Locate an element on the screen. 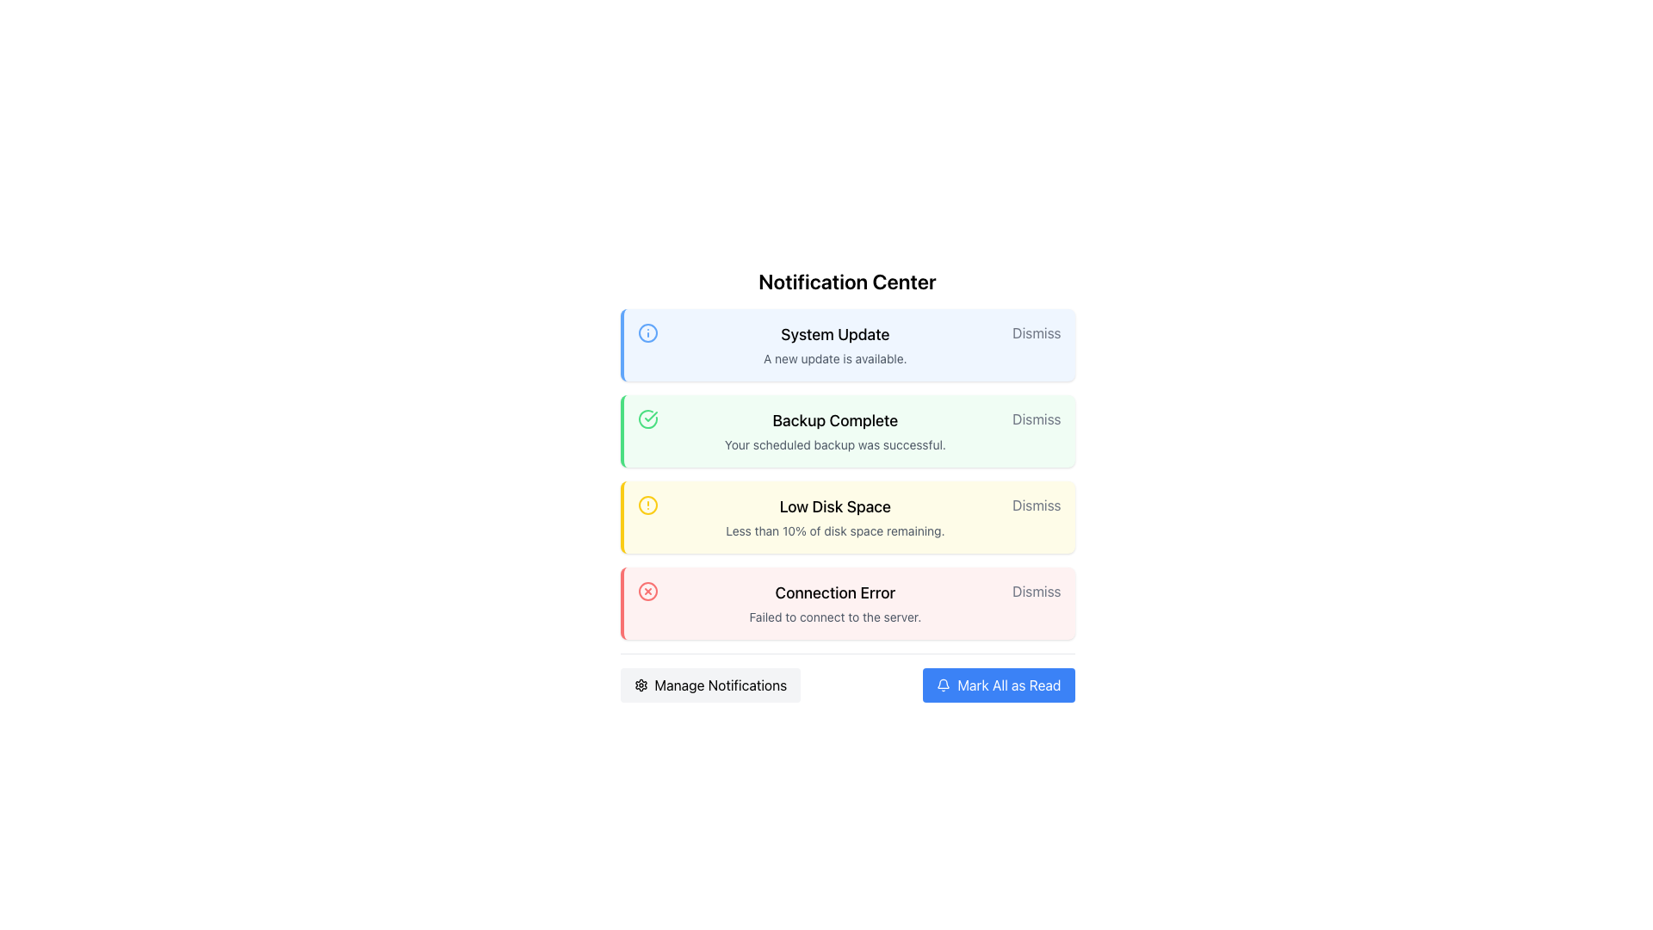 This screenshot has width=1653, height=930. the red circular icon with a white fill and thick red border located in the 'Connection Error' notification card on the left side is located at coordinates (647, 590).